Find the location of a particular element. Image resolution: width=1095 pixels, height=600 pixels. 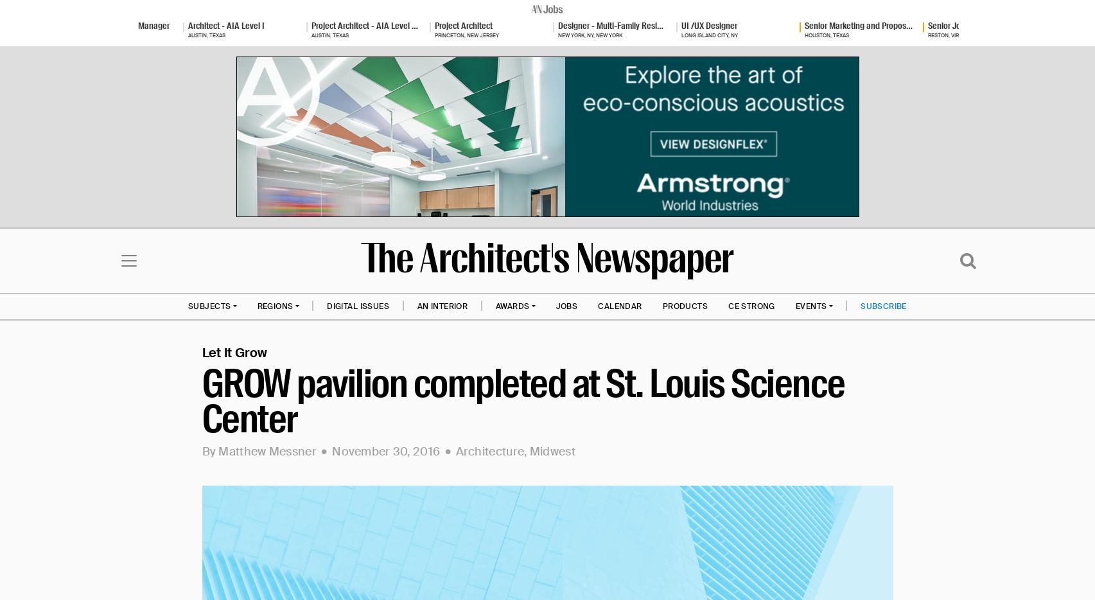

'Project Architect' is located at coordinates (463, 24).